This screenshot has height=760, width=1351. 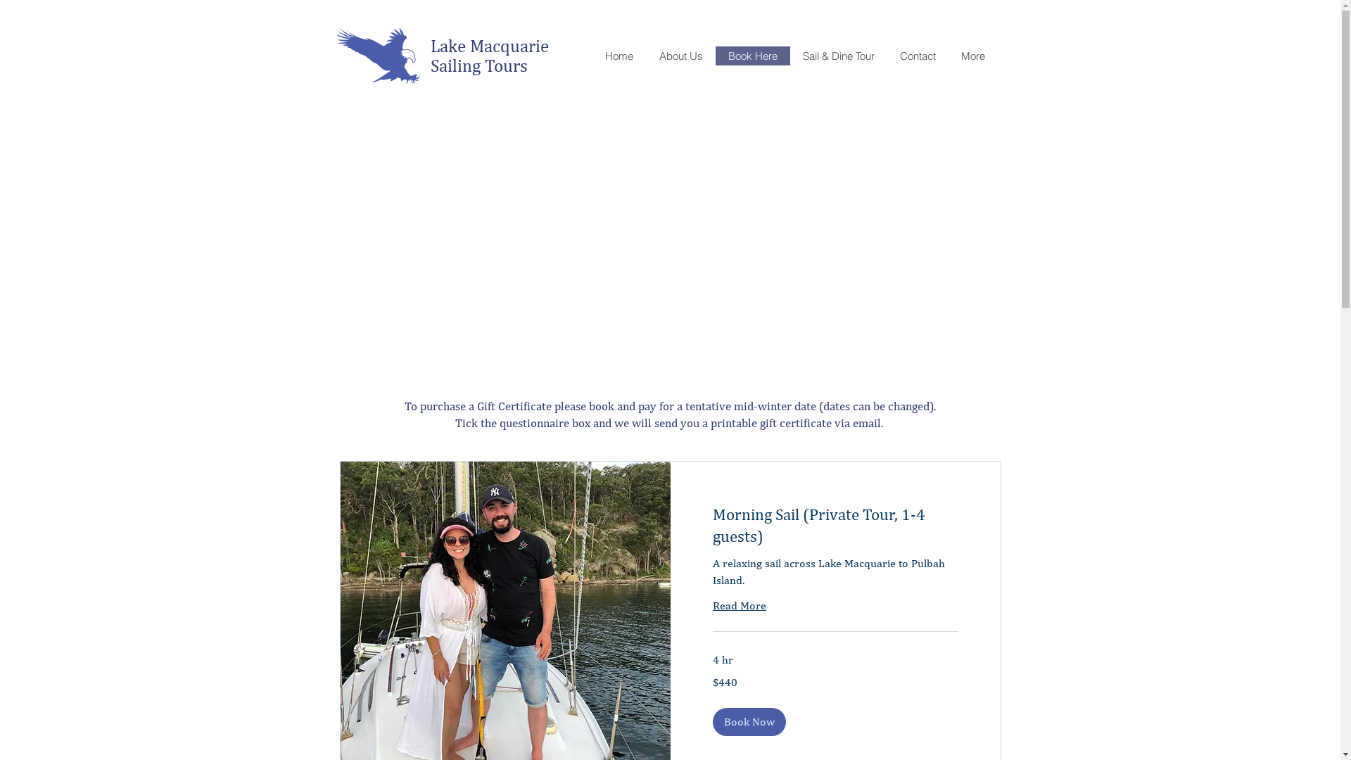 I want to click on 'More', so click(x=949, y=55).